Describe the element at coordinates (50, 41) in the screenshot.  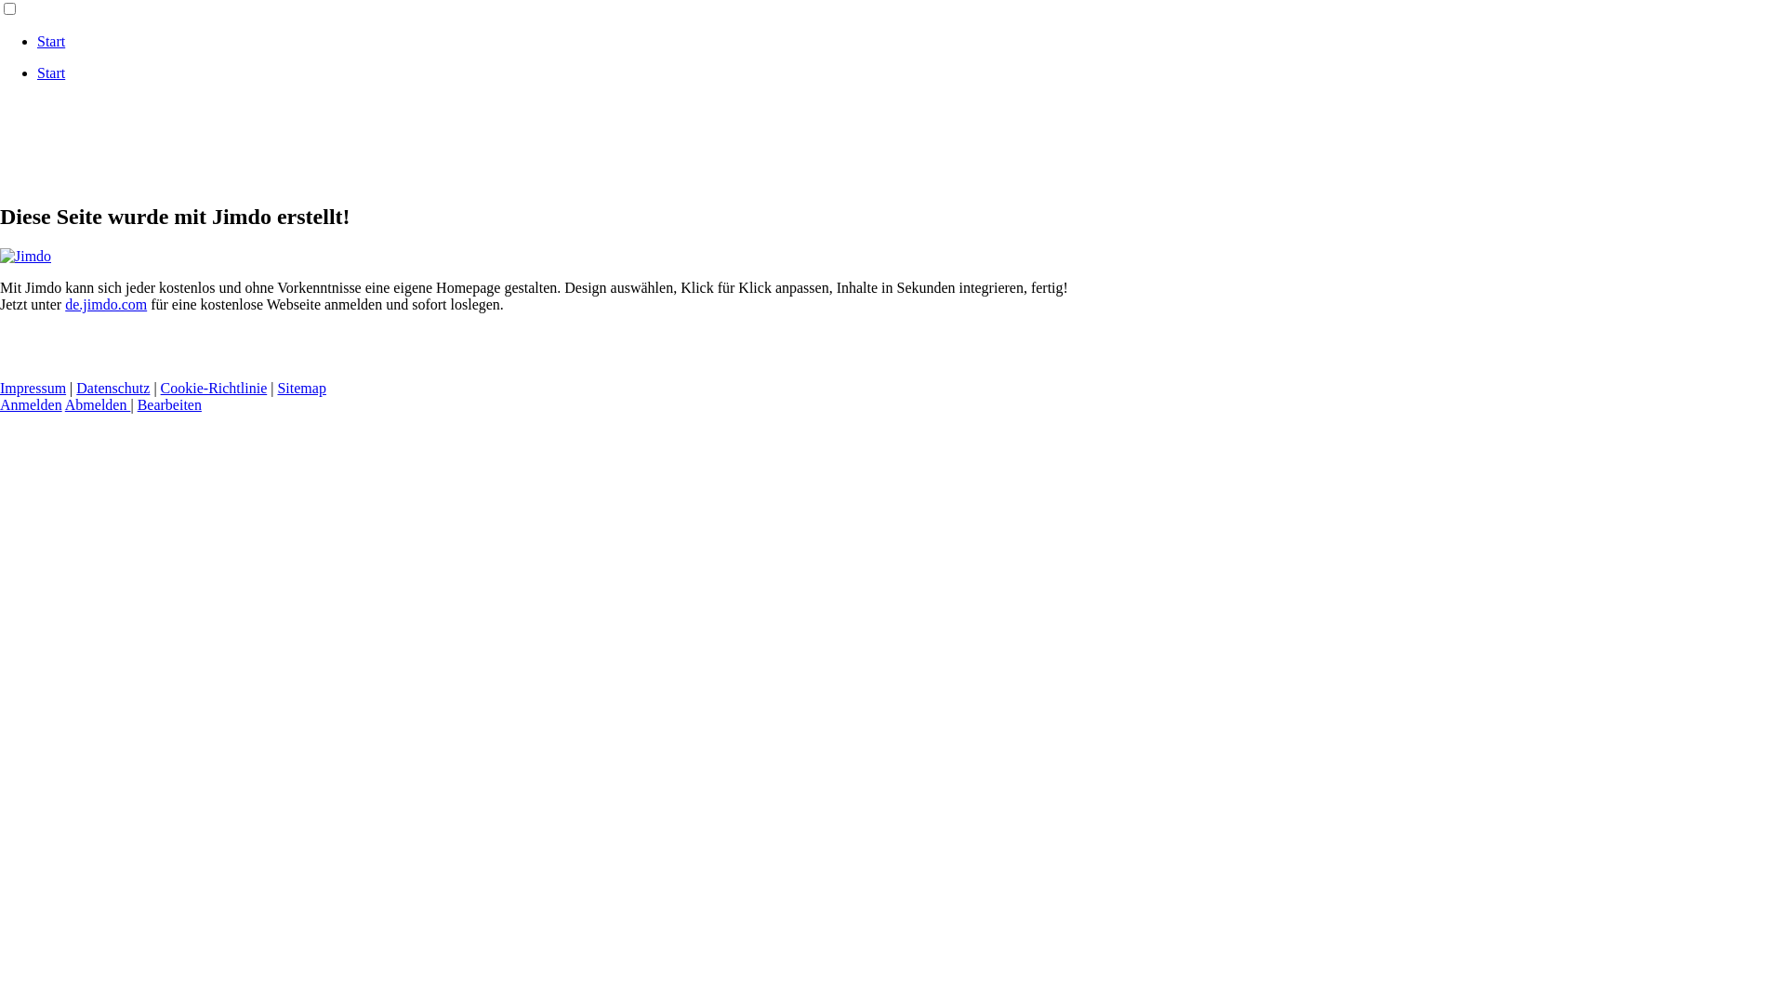
I see `'Start'` at that location.